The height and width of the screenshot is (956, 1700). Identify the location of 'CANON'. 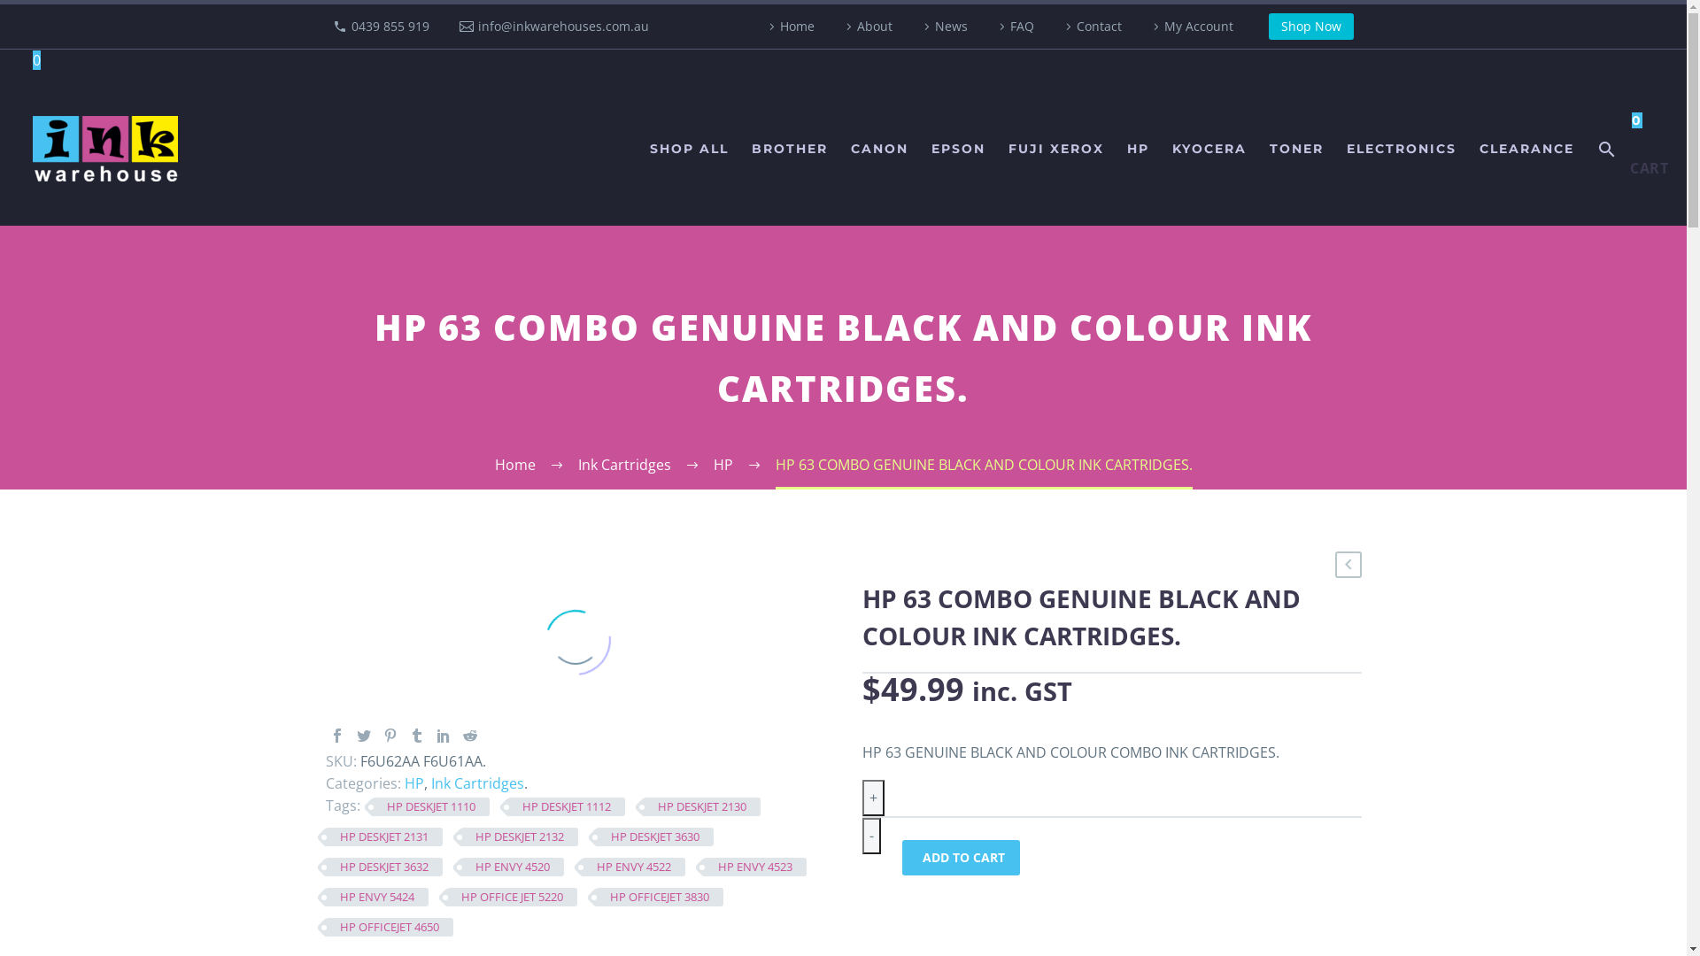
(840, 148).